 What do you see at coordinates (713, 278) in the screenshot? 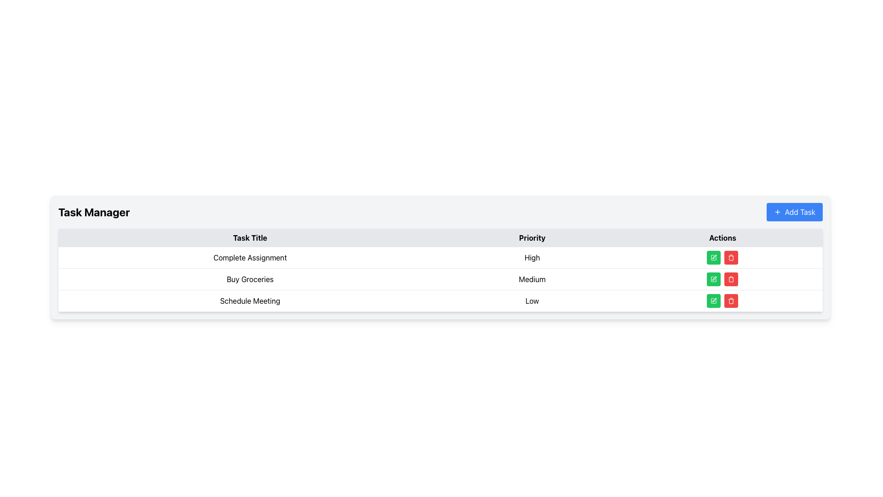
I see `the 'Edit' icon, which is a minimalist outline pencil within a square located in the 'Actions' column of the second row in the task management table for the task 'Buy Groceries'` at bounding box center [713, 278].